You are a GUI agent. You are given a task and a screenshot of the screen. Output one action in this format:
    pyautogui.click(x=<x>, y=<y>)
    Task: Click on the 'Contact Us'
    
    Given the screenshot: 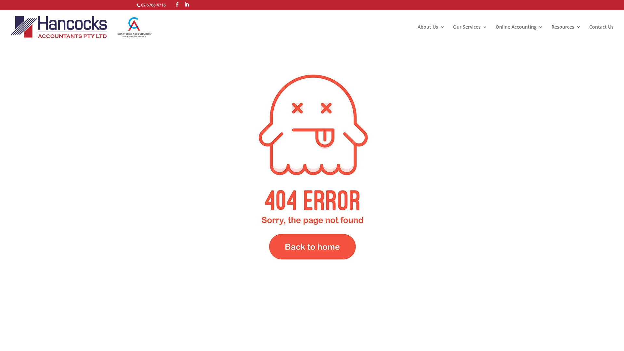 What is the action you would take?
    pyautogui.click(x=601, y=34)
    